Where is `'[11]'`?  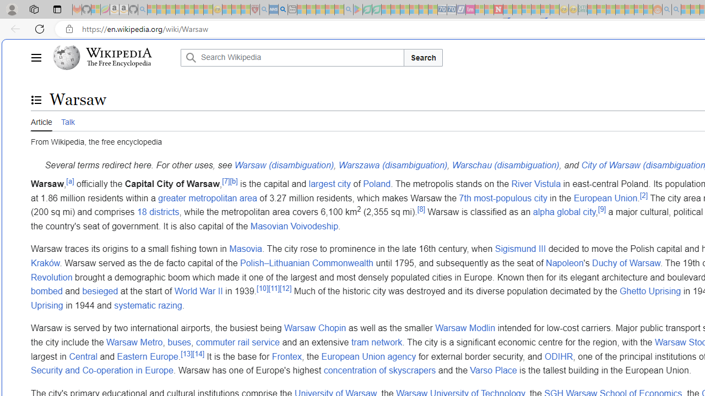 '[11]' is located at coordinates (274, 288).